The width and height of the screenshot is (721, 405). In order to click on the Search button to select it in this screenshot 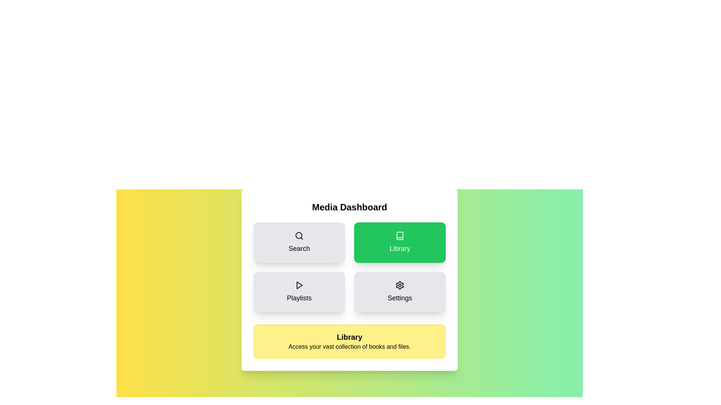, I will do `click(299, 243)`.